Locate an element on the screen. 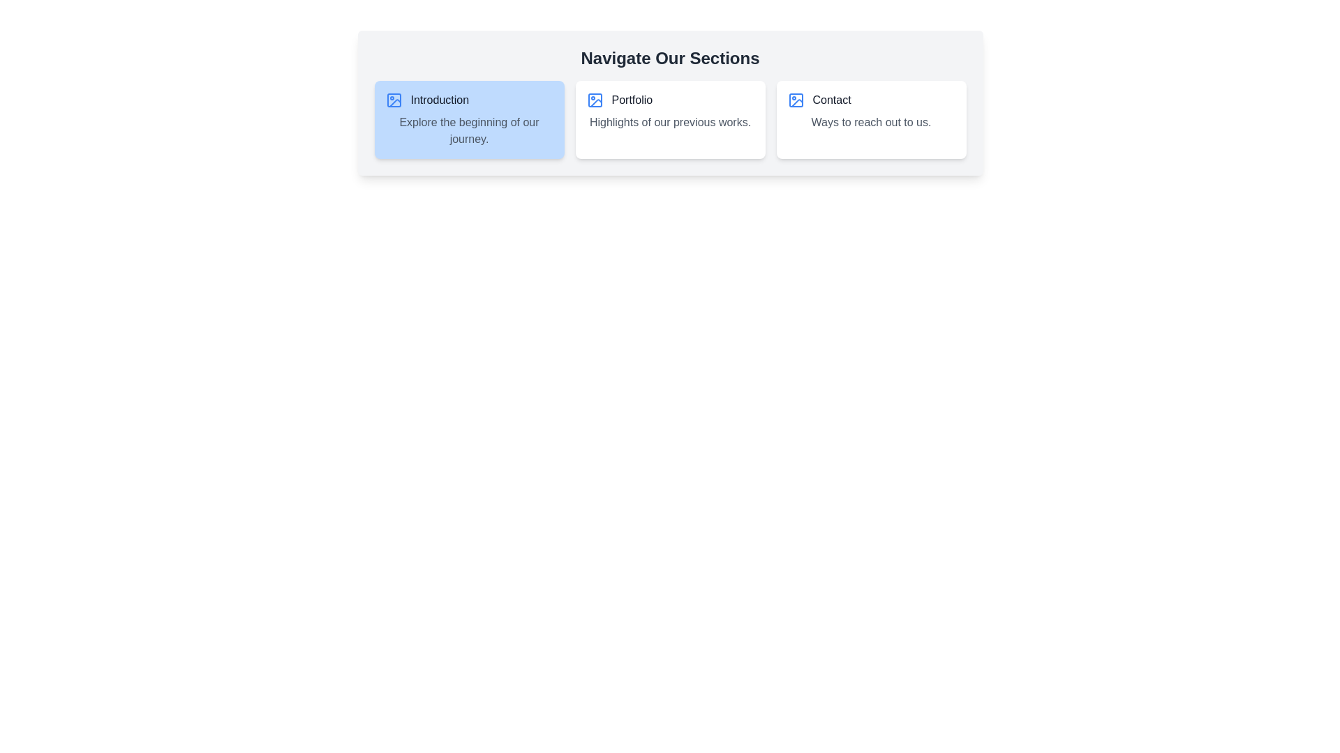 The image size is (1340, 753). the descriptive text block located beneath the 'Contact' header in the rightmost card of the horizontally-aligned card arrangement is located at coordinates (870, 122).